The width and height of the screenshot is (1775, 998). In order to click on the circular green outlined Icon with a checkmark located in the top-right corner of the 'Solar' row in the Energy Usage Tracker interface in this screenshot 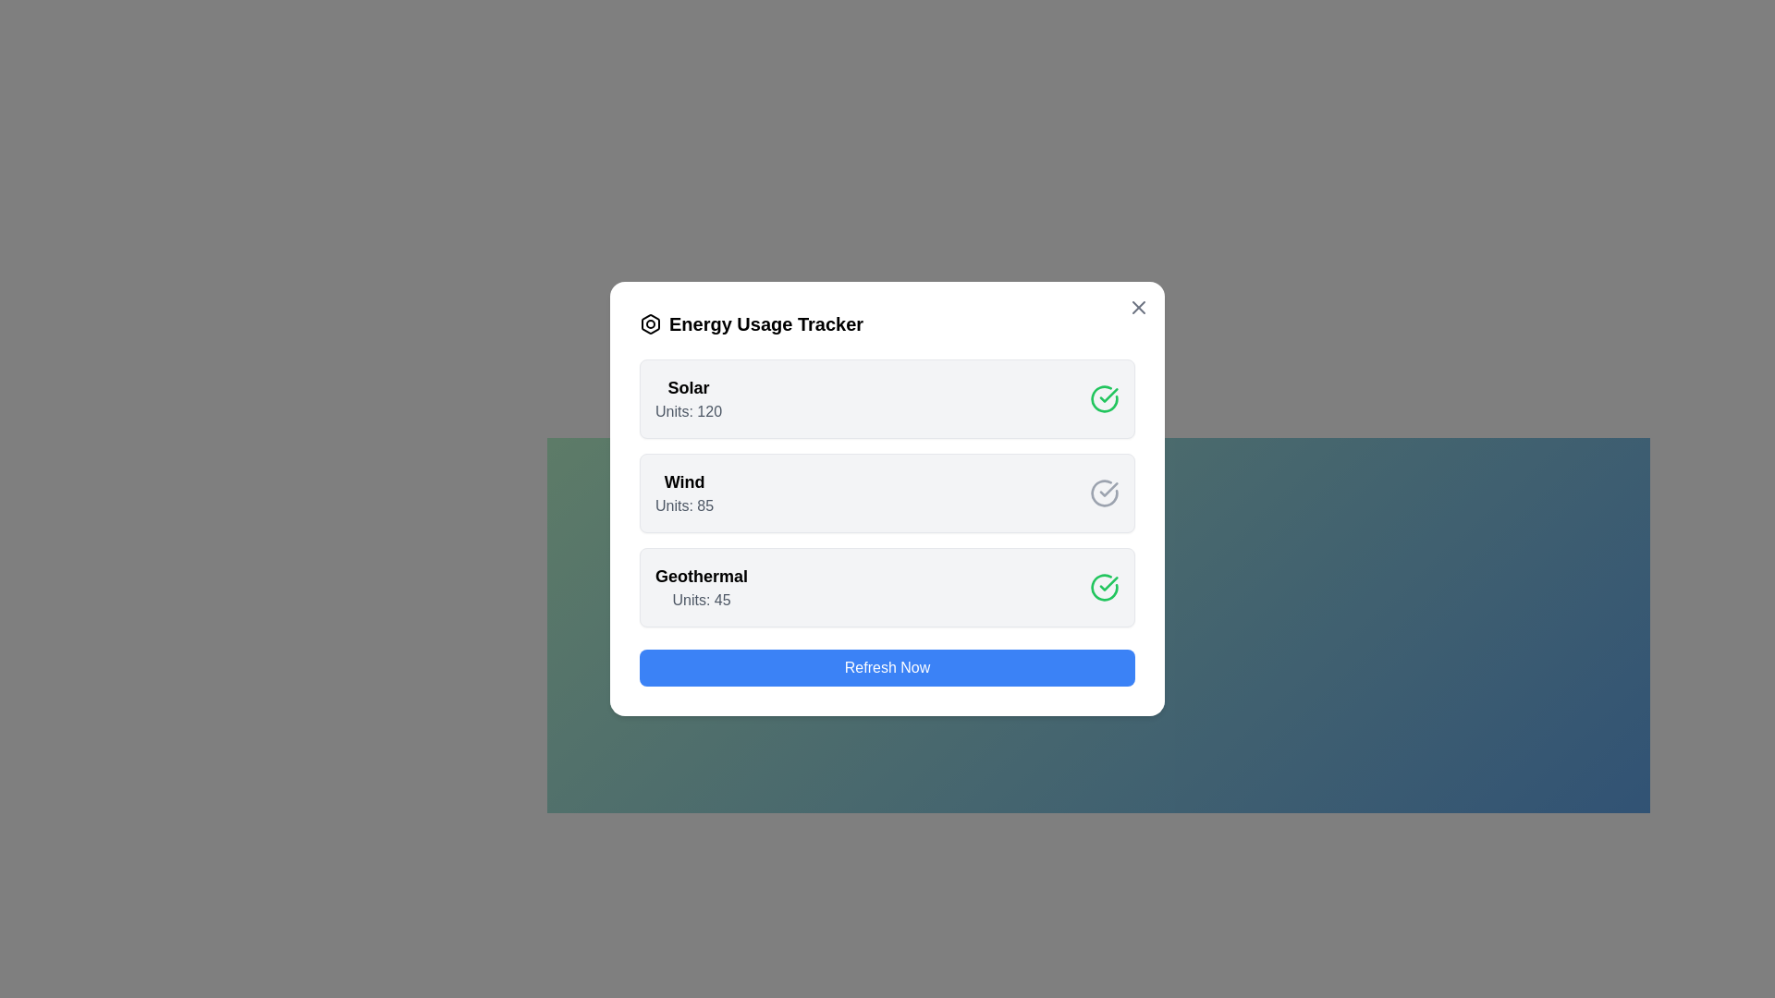, I will do `click(1105, 398)`.